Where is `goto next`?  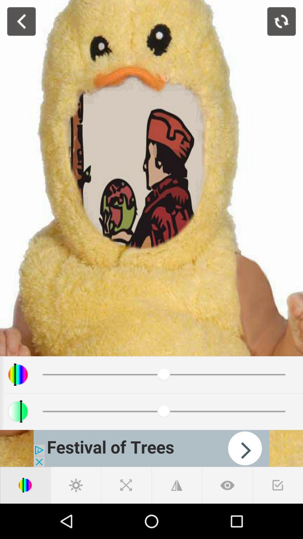
goto next is located at coordinates (227, 485).